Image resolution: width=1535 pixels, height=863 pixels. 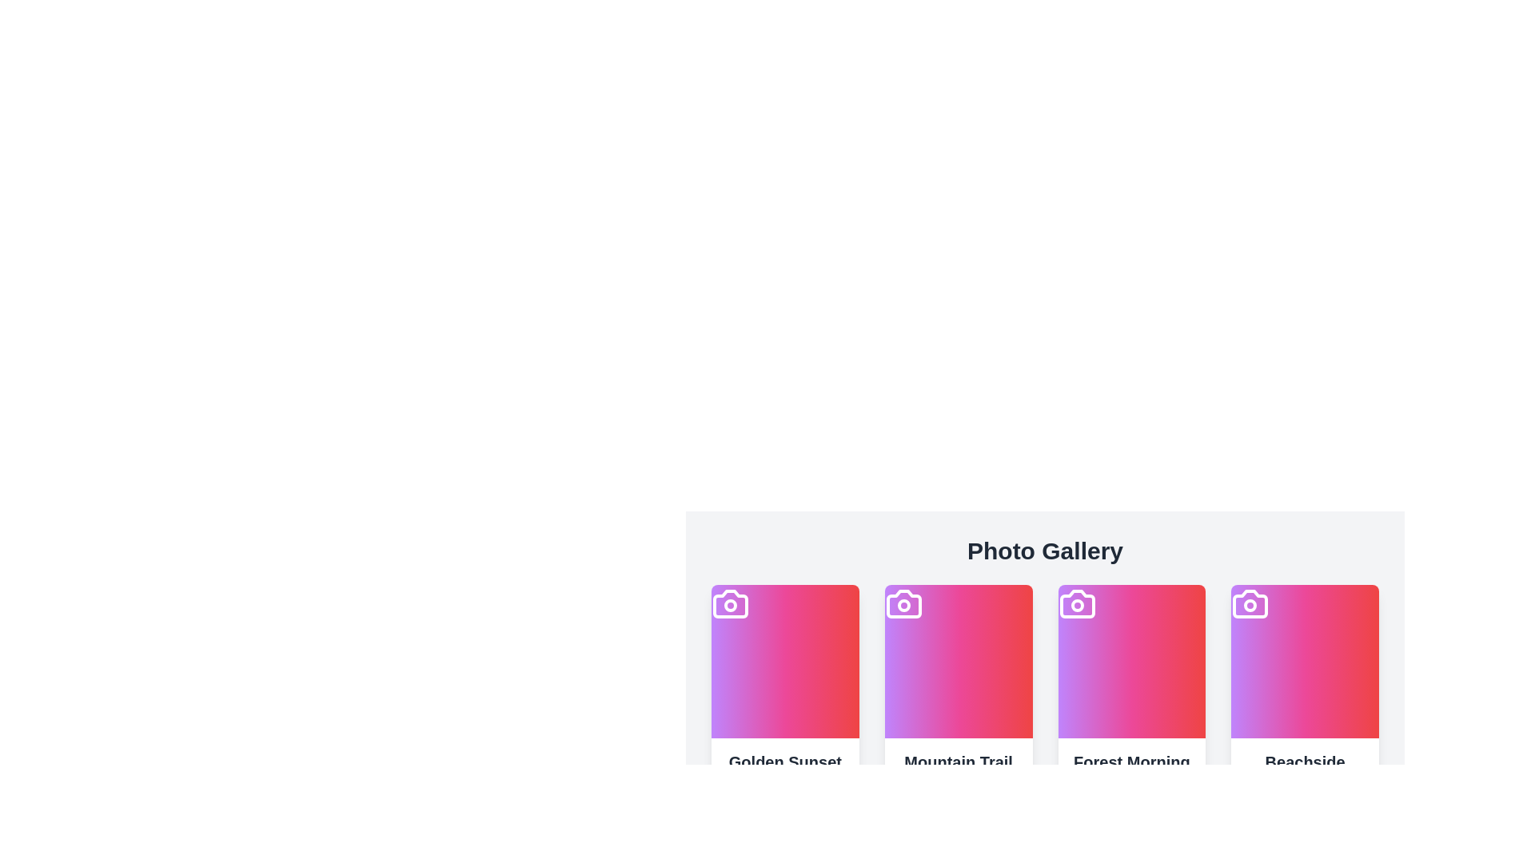 What do you see at coordinates (903, 604) in the screenshot?
I see `the camera icon located at the top-center of the second tile in the 'Photo Gallery' list` at bounding box center [903, 604].